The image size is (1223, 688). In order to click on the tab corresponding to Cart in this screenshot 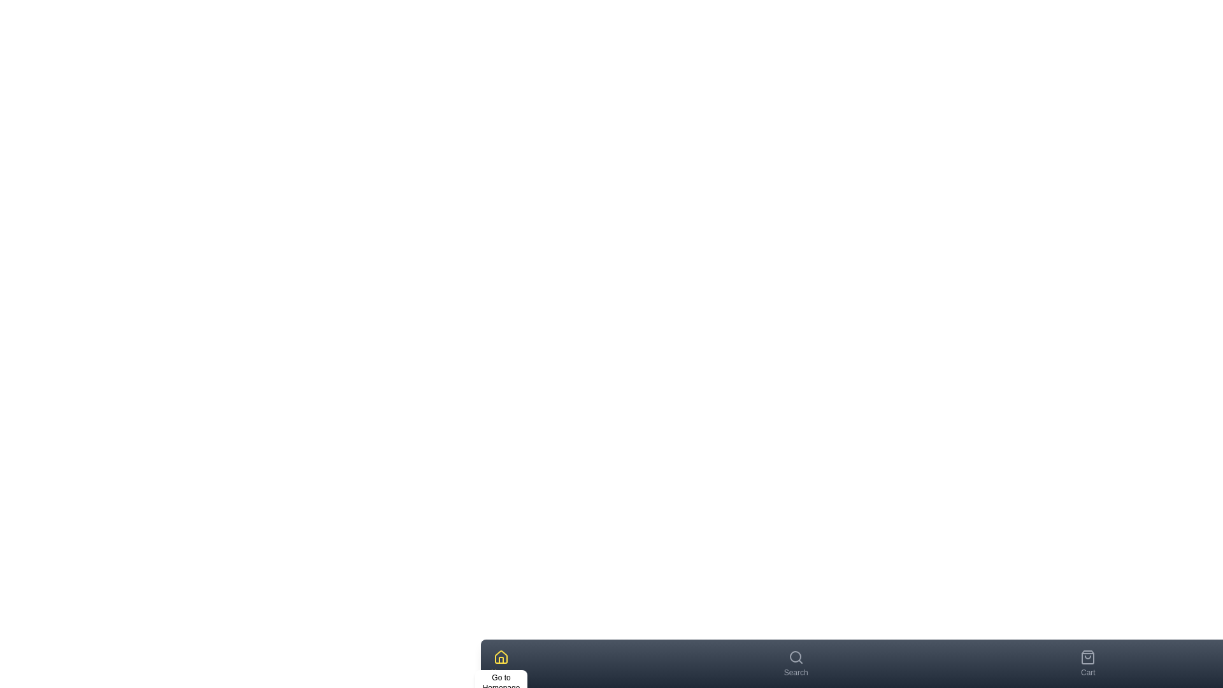, I will do `click(1087, 663)`.